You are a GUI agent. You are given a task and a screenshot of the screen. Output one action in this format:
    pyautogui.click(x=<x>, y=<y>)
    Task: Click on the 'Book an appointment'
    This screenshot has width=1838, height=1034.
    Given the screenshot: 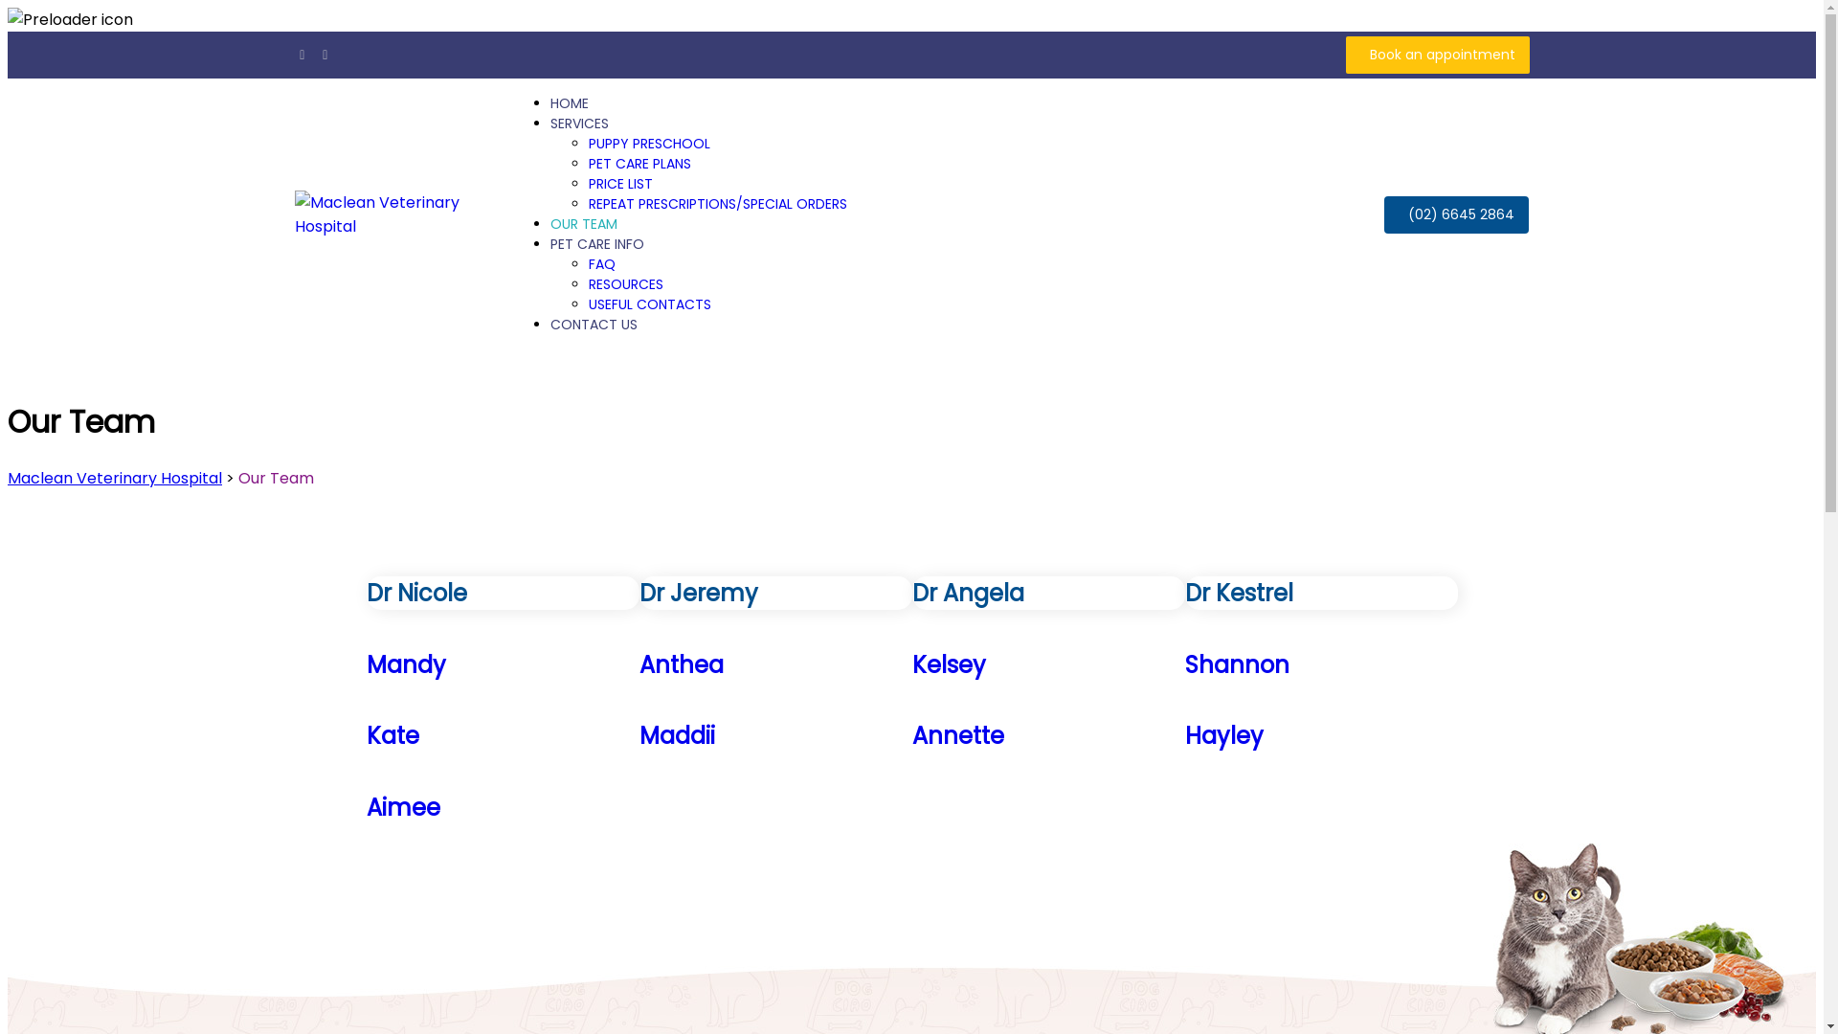 What is the action you would take?
    pyautogui.click(x=1438, y=54)
    